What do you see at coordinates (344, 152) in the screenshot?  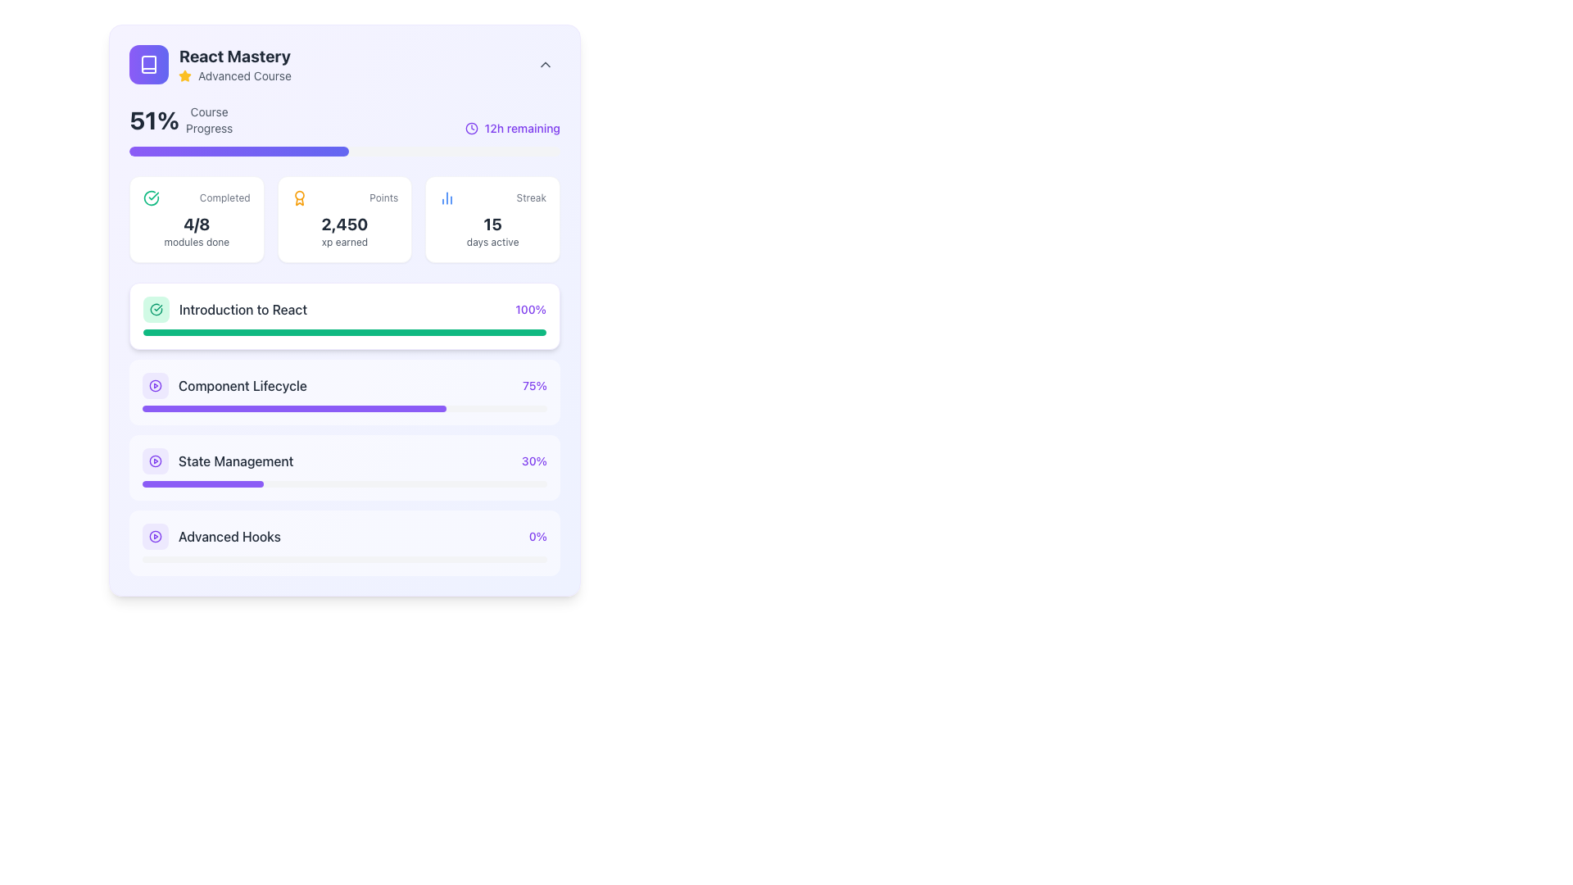 I see `the progress bar indicating 51% completion, which has a gradient foreground transitioning from violet to indigo, located below the '51%' text and 'Course Progress' label` at bounding box center [344, 152].